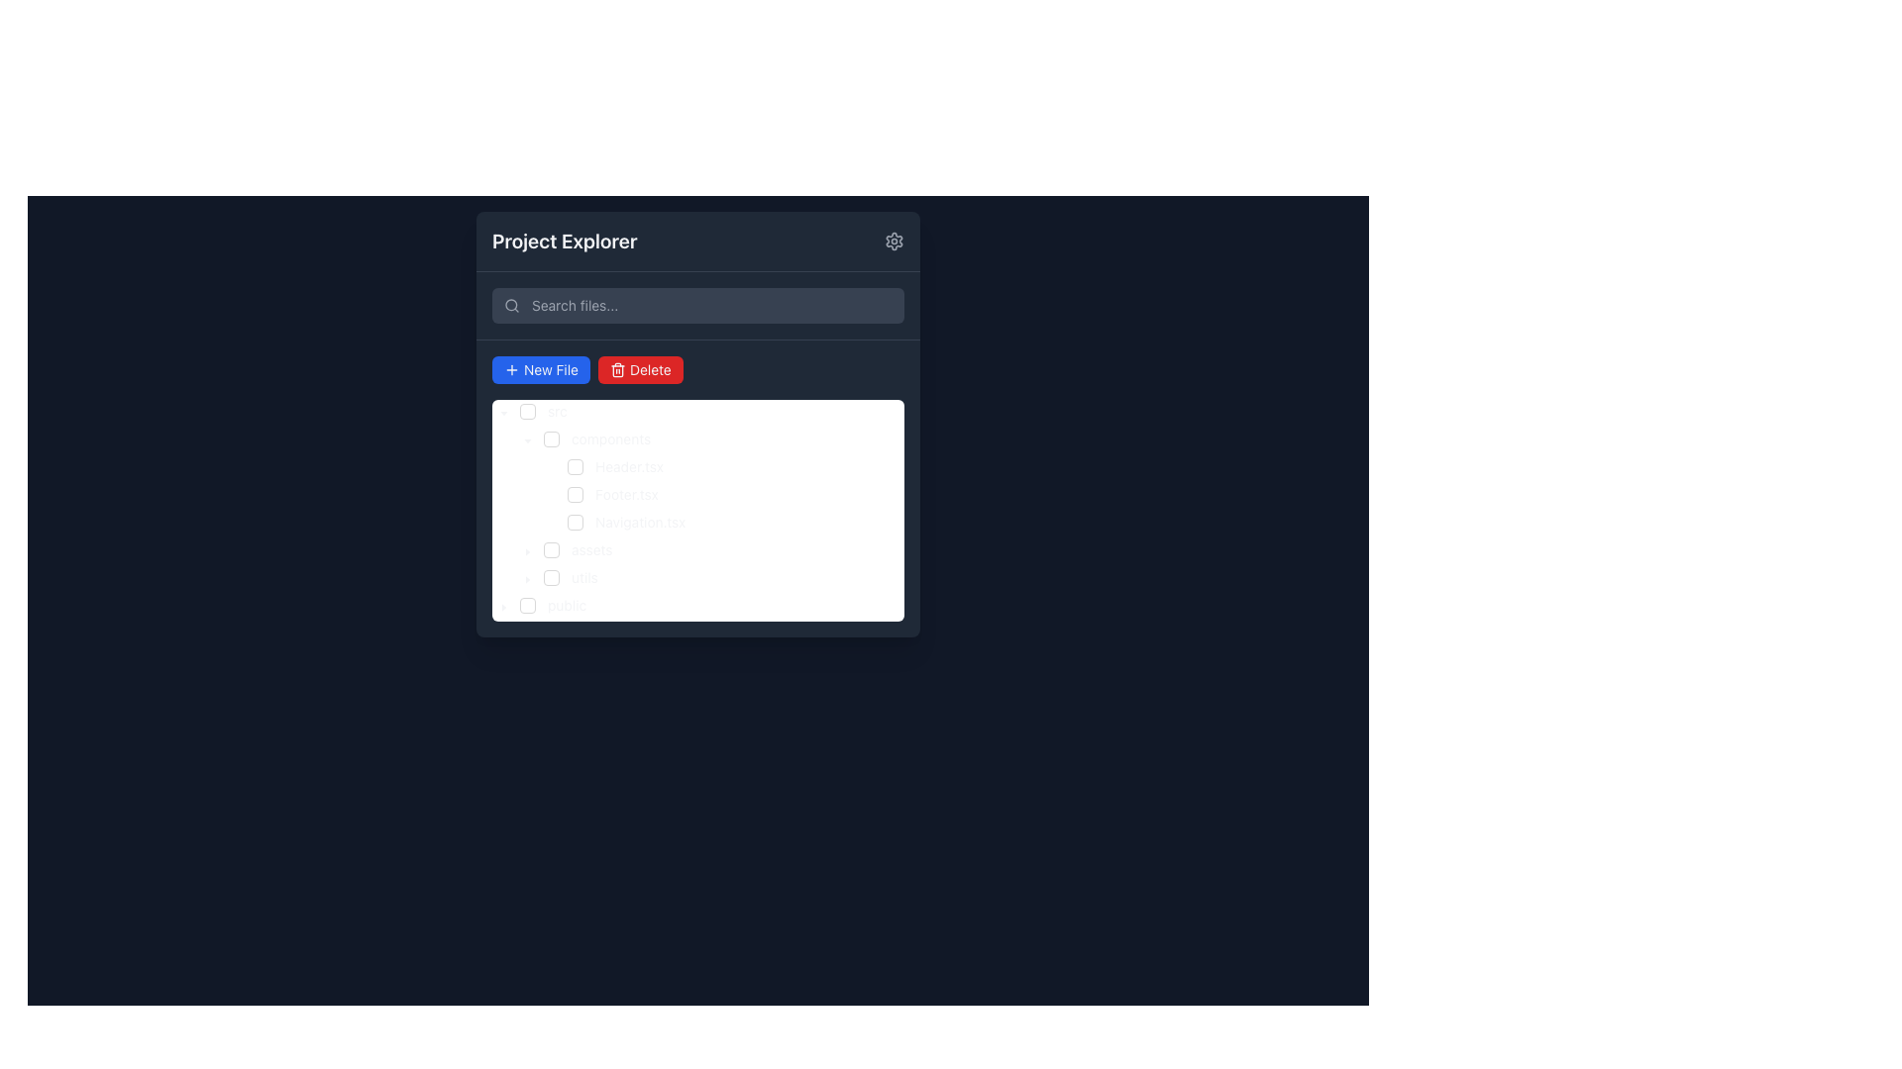  I want to click on the 'Delete' button, which is red with rounded corners and features a trashcan icon, located, so click(640, 370).